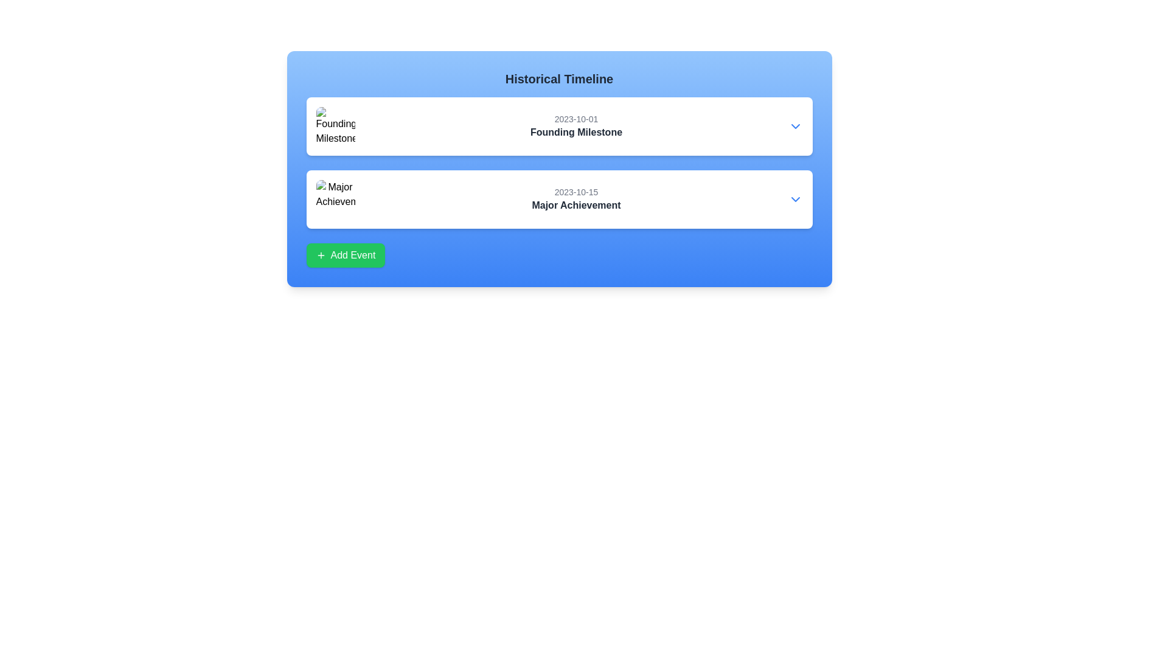 This screenshot has width=1168, height=657. Describe the element at coordinates (575, 119) in the screenshot. I see `the static text label displaying the date '2023-10-01', which is styled in gray and is part of the 'Founding Milestone' timeline interface` at that location.